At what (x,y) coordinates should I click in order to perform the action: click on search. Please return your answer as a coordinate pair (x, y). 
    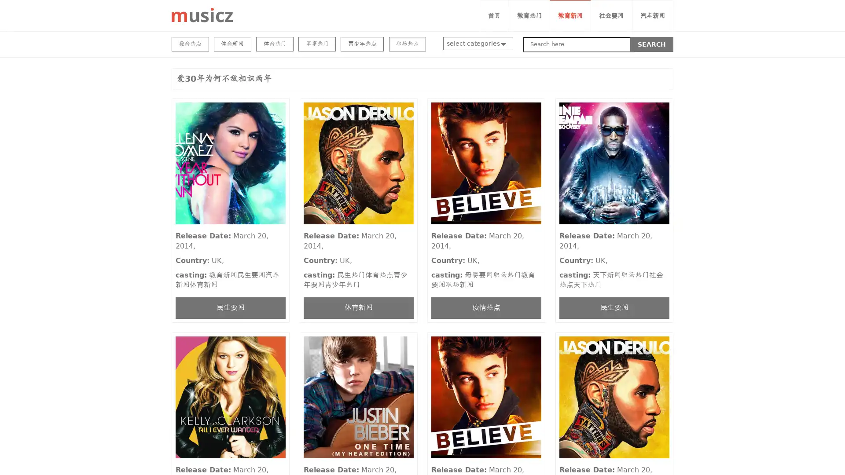
    Looking at the image, I should click on (652, 44).